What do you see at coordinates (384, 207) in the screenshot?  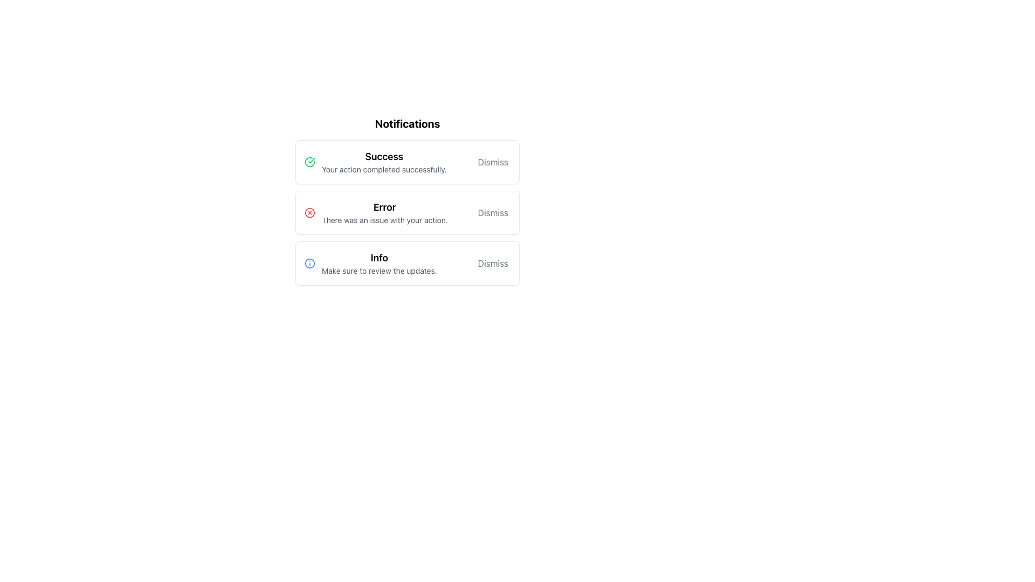 I see `the 'Error' text element displayed in bold, larger font within the notification card labeled 'Error', located near the center of the interface` at bounding box center [384, 207].